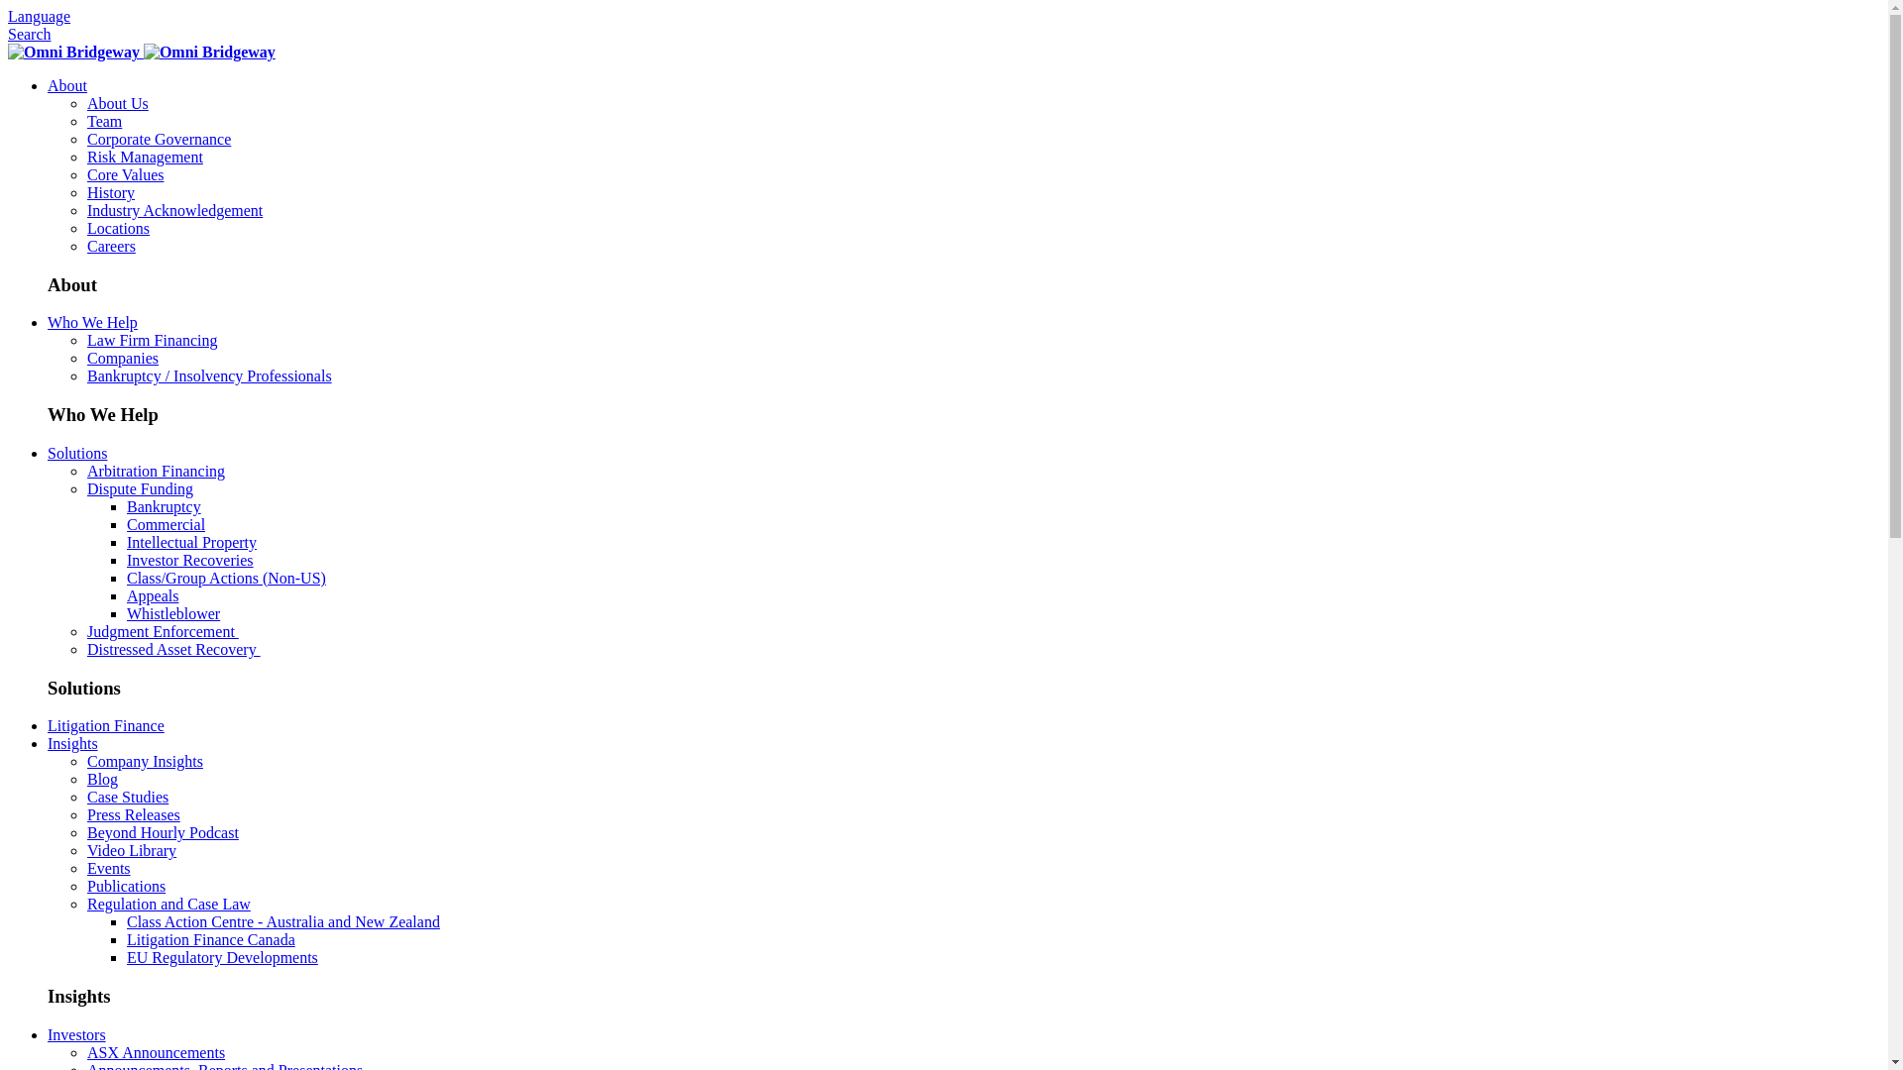 This screenshot has height=1070, width=1903. Describe the element at coordinates (144, 156) in the screenshot. I see `'Risk Management'` at that location.